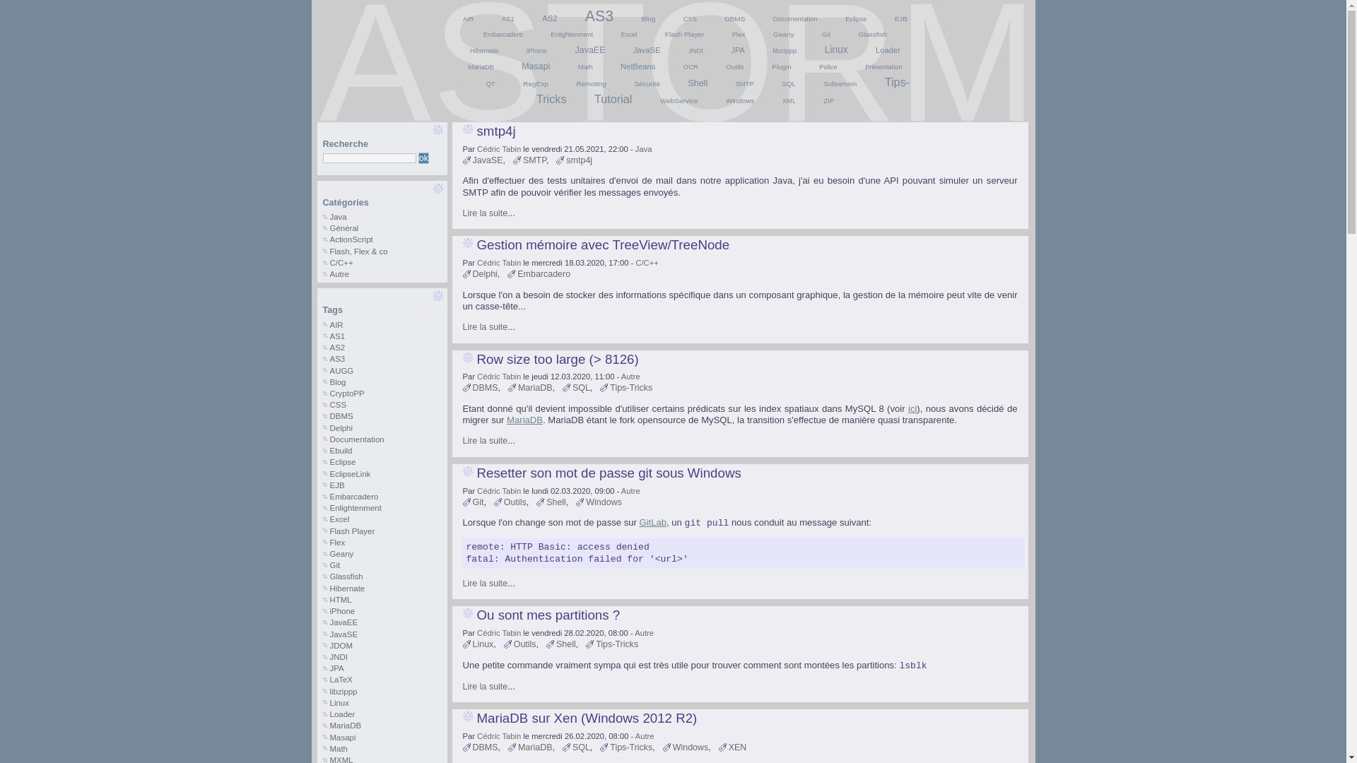 The width and height of the screenshot is (1357, 763). I want to click on 'Autre', so click(338, 274).